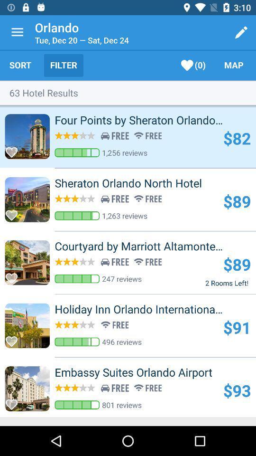 The image size is (256, 456). Describe the element at coordinates (14, 401) in the screenshot. I see `favorite` at that location.